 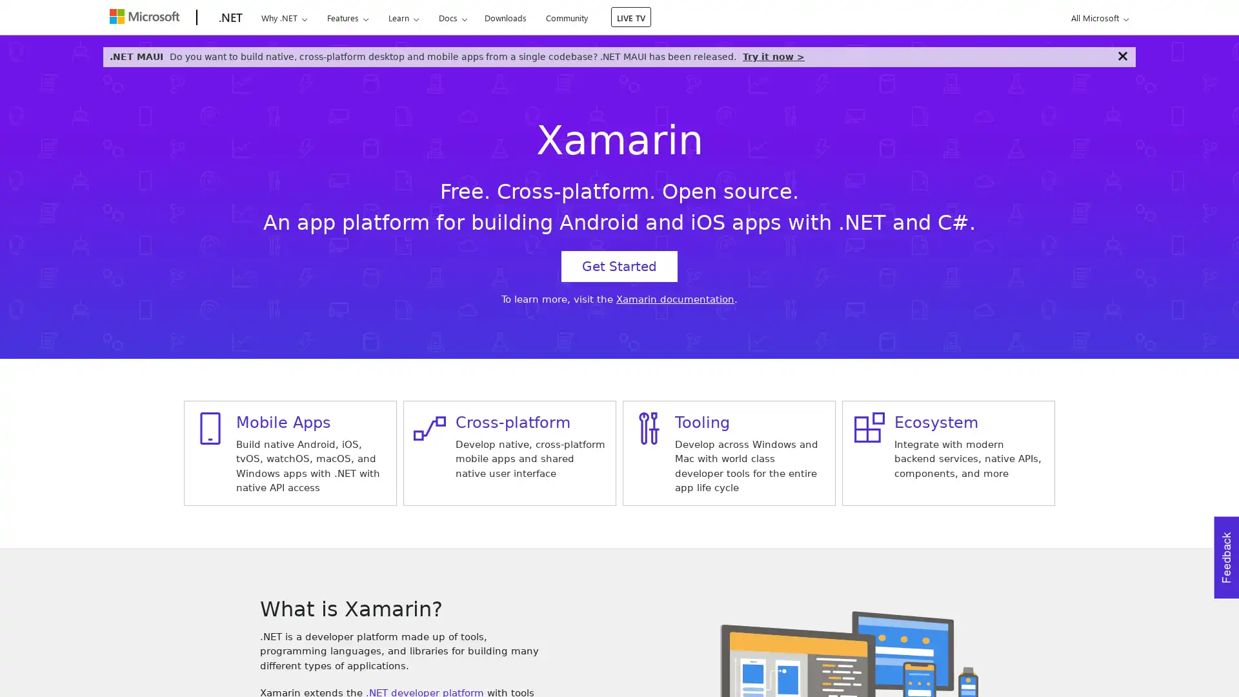 I want to click on close, so click(x=1122, y=56).